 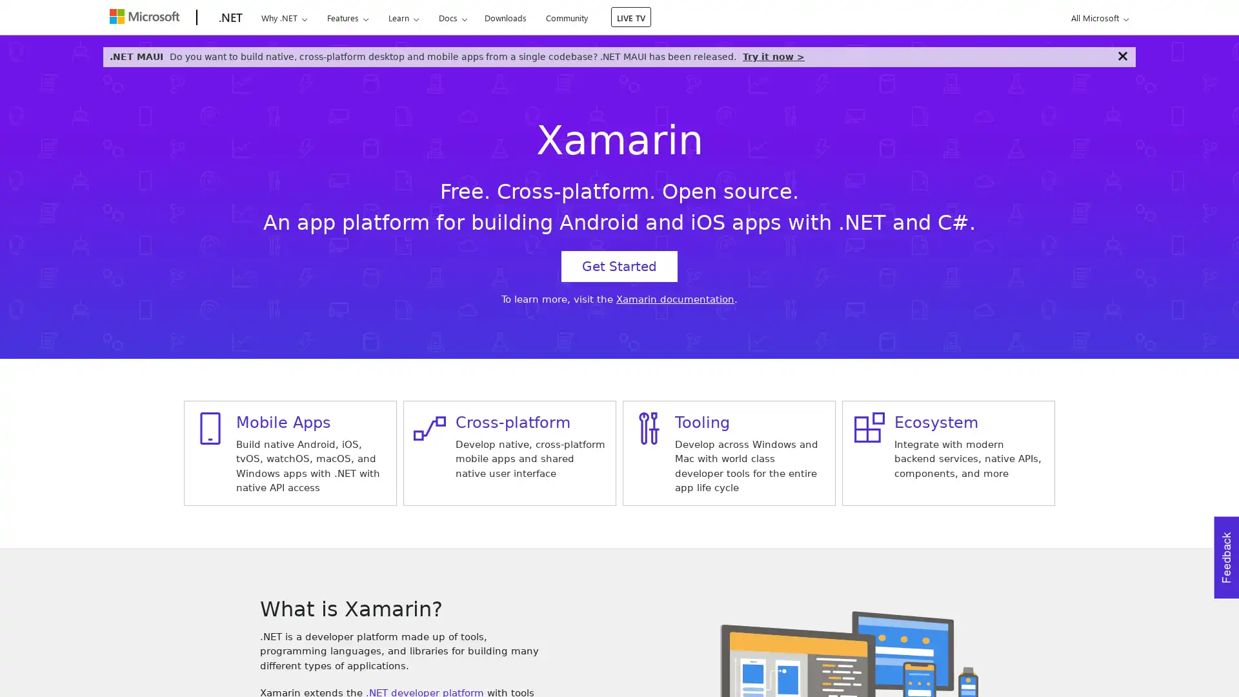 I want to click on close, so click(x=1122, y=56).